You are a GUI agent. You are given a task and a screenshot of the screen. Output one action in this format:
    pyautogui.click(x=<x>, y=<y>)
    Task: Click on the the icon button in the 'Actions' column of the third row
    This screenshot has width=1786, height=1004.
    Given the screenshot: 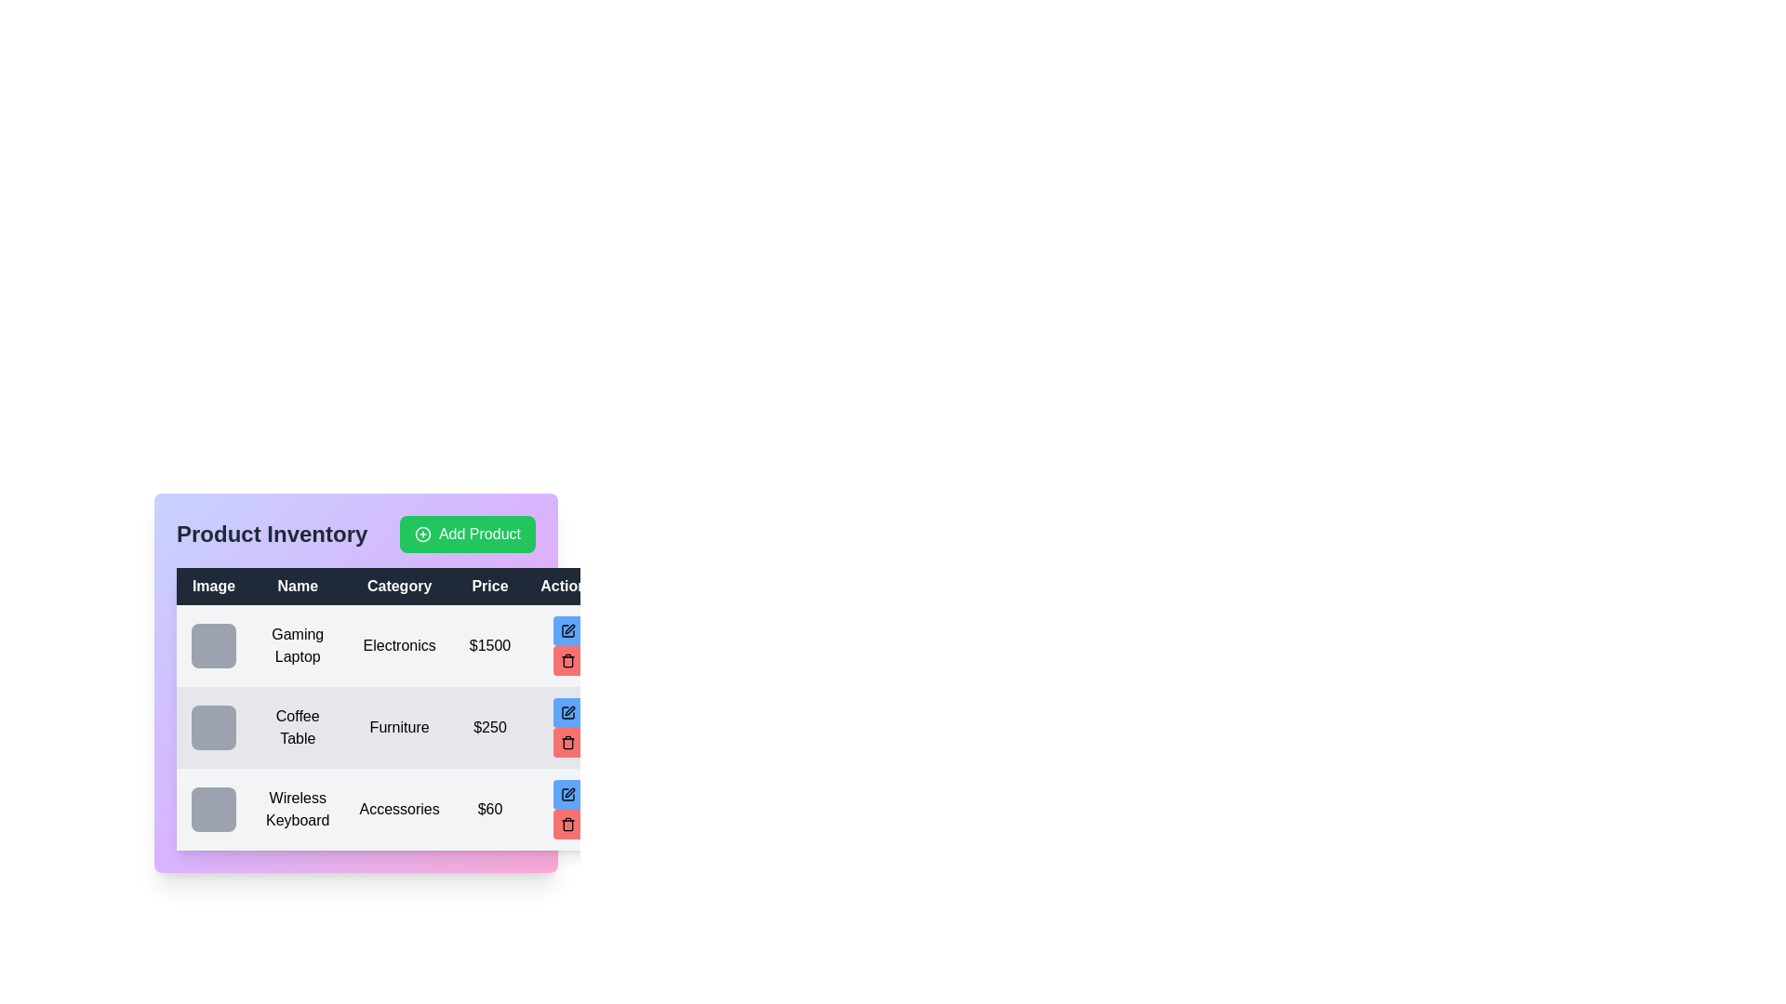 What is the action you would take?
    pyautogui.click(x=566, y=795)
    